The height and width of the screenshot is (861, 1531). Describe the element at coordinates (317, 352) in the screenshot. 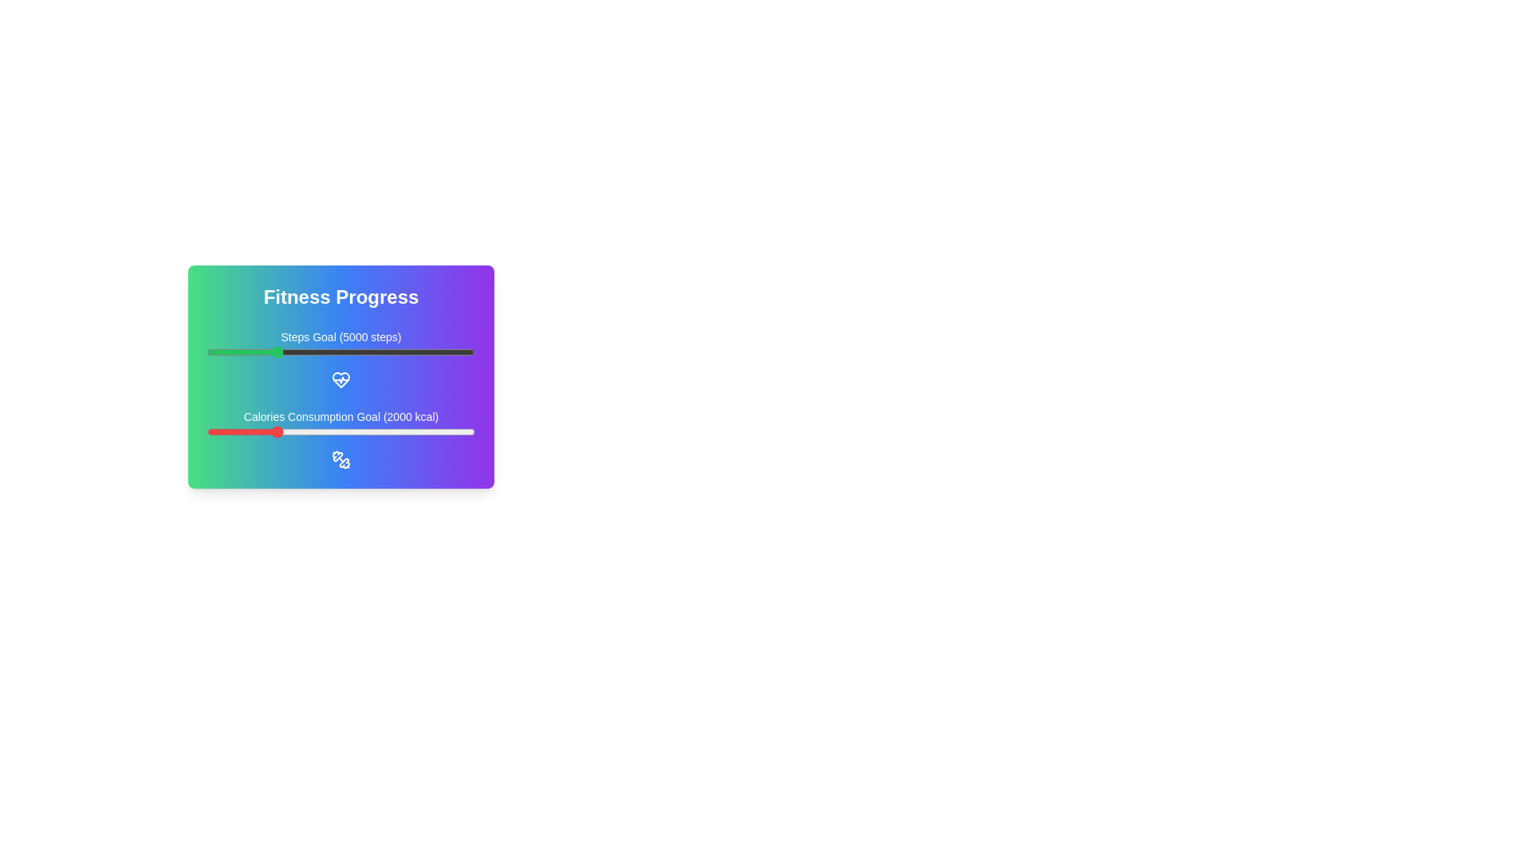

I see `the steps goal` at that location.